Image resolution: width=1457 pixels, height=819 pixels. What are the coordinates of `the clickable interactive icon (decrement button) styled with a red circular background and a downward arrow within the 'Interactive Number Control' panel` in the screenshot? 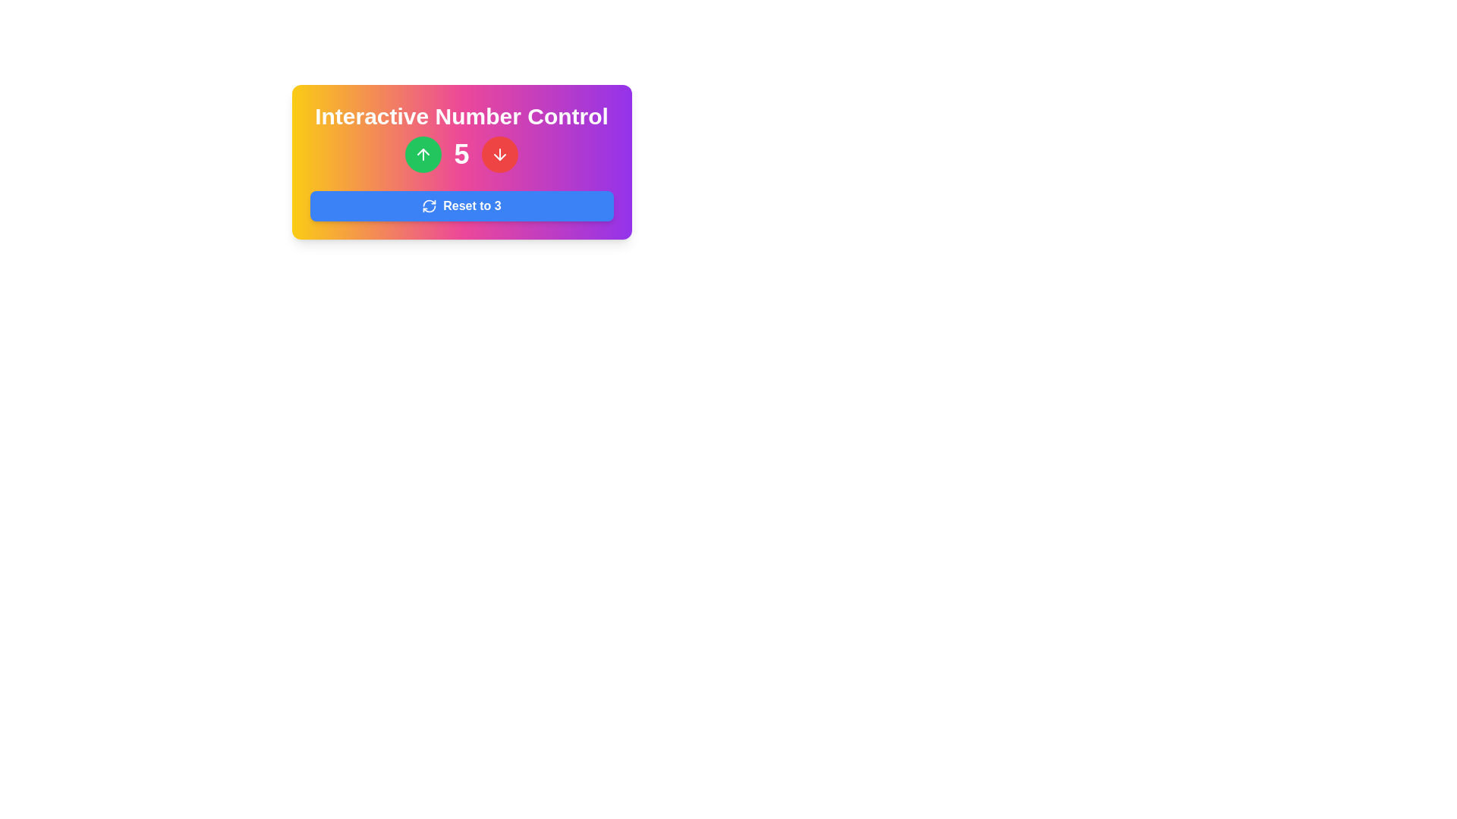 It's located at (499, 155).